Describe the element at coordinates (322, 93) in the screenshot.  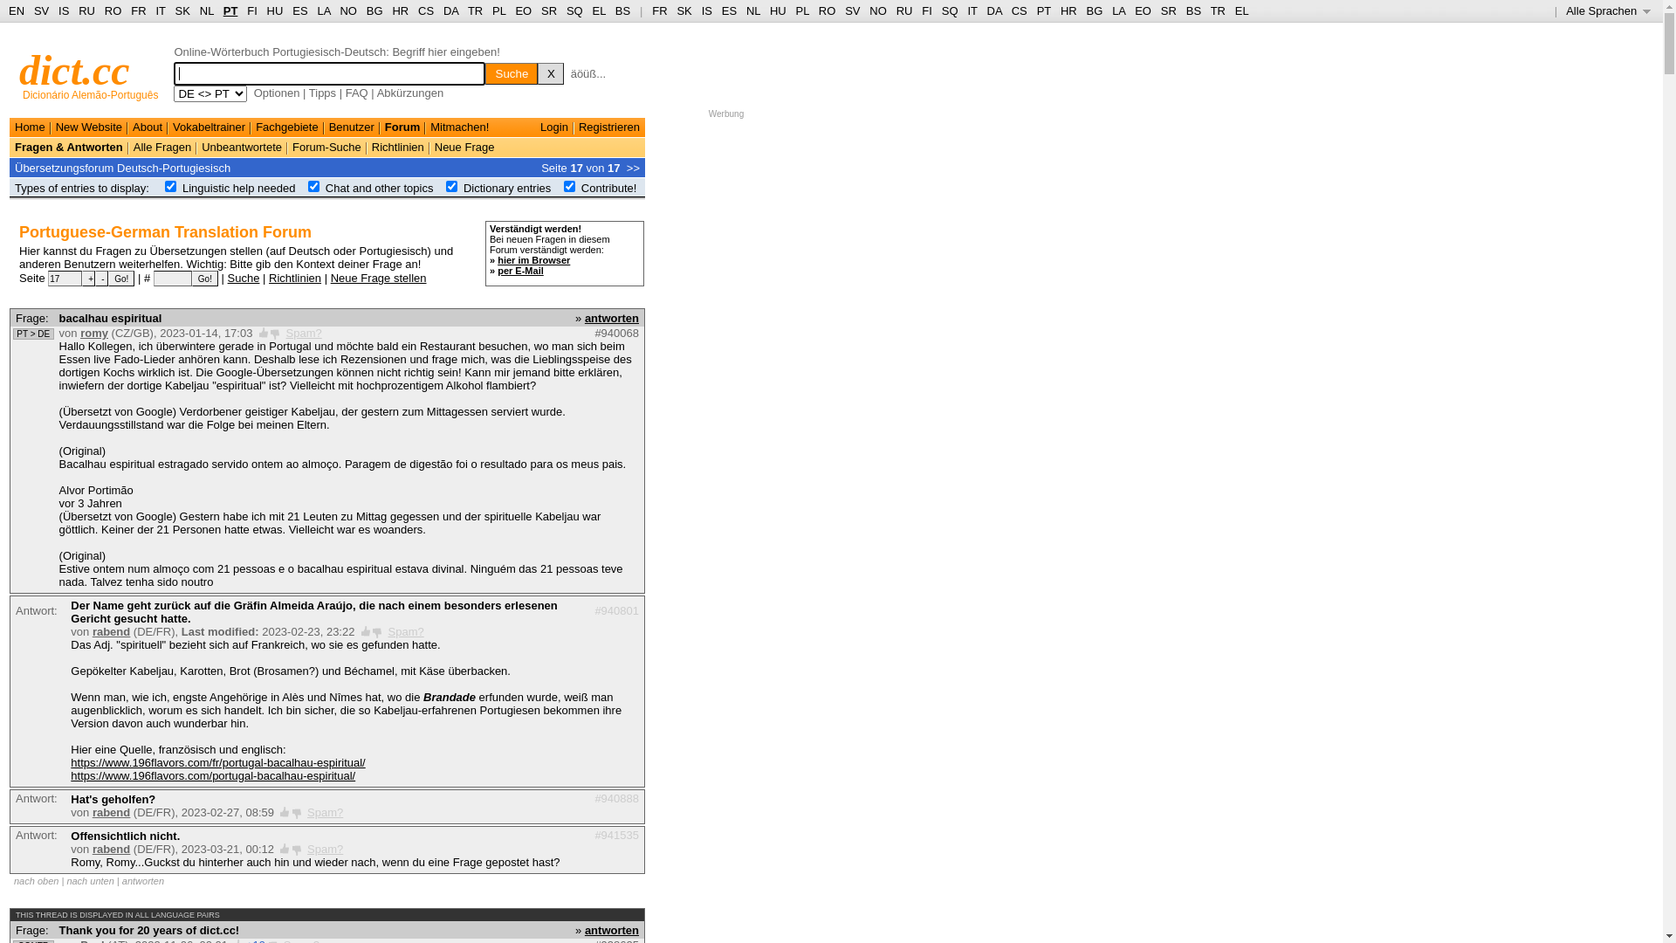
I see `'Tipps'` at that location.